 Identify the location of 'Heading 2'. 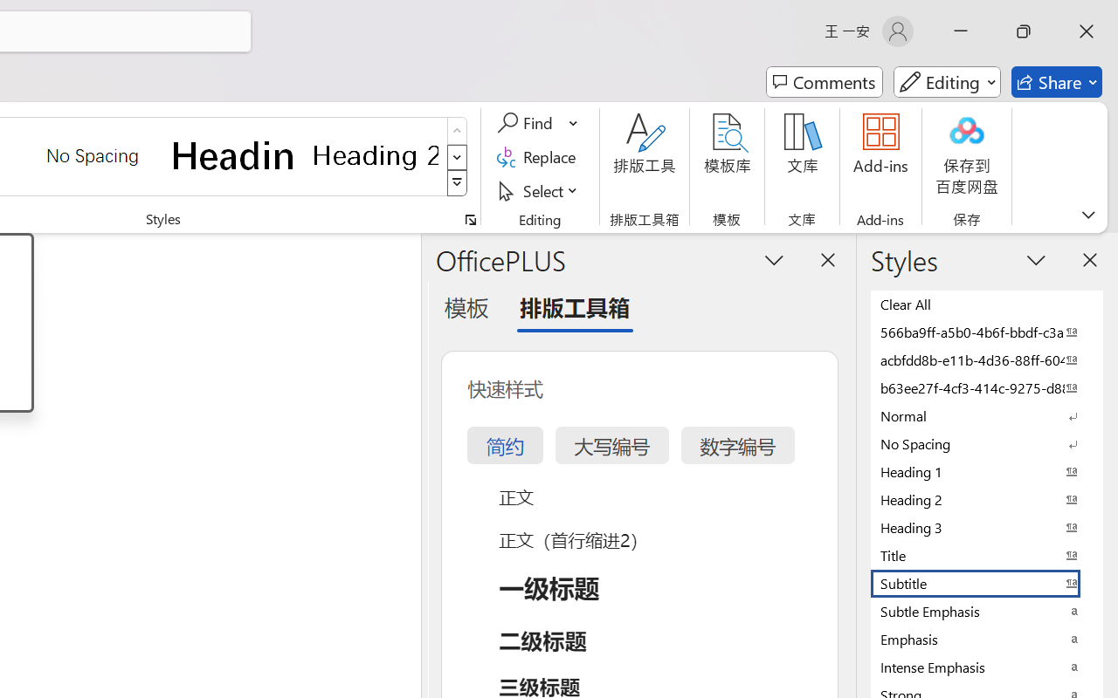
(375, 154).